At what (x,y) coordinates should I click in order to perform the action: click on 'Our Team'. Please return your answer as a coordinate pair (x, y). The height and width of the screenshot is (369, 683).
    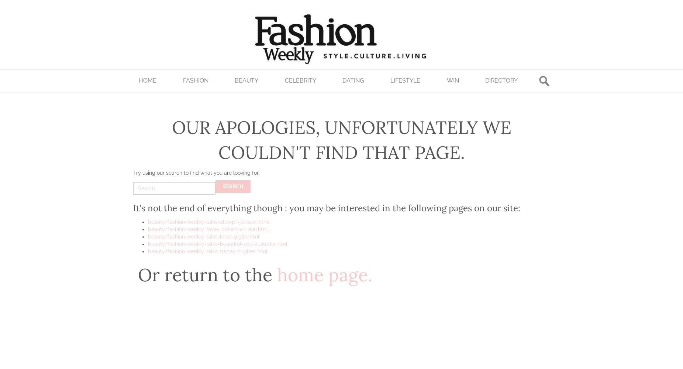
    Looking at the image, I should click on (144, 132).